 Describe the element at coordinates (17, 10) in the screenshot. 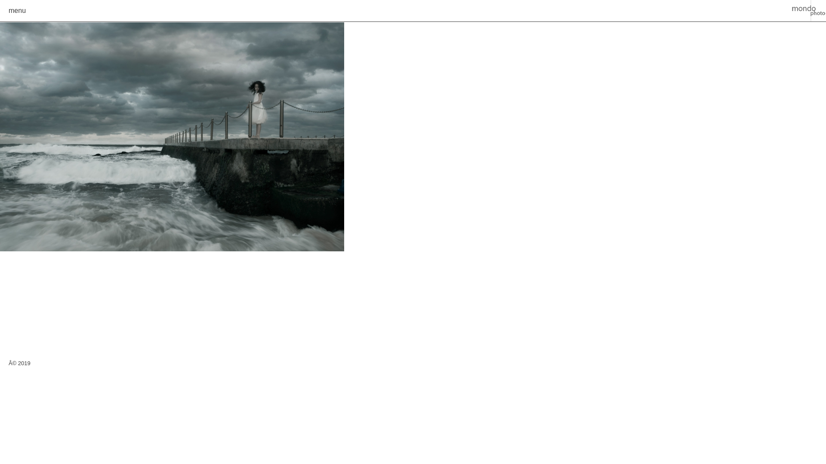

I see `'menu'` at that location.